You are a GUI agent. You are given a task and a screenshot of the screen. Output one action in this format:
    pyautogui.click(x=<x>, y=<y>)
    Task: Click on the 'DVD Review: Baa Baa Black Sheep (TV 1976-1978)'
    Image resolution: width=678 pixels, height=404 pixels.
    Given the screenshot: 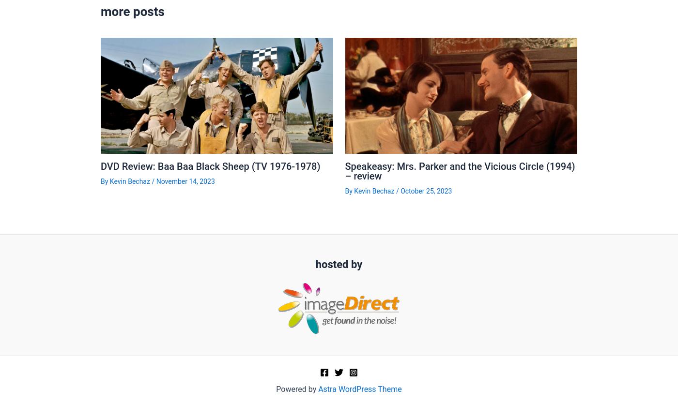 What is the action you would take?
    pyautogui.click(x=210, y=166)
    